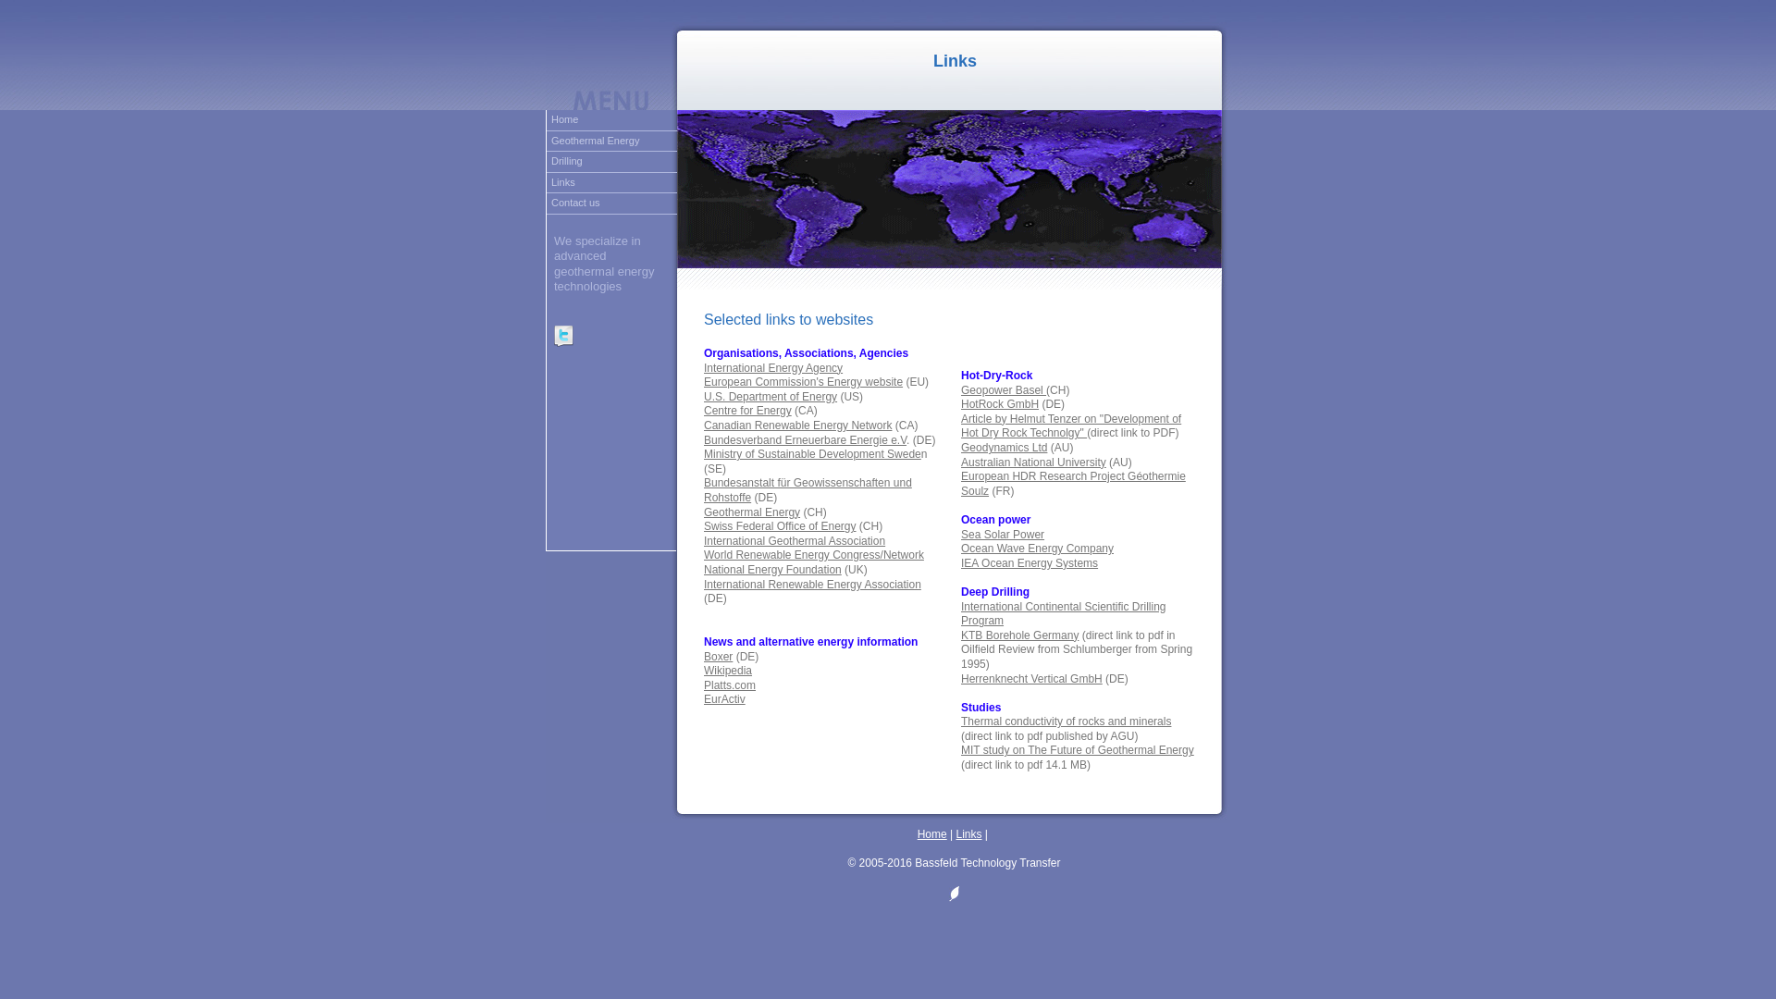 The height and width of the screenshot is (999, 1776). What do you see at coordinates (1018, 634) in the screenshot?
I see `'KTB Borehole Germany'` at bounding box center [1018, 634].